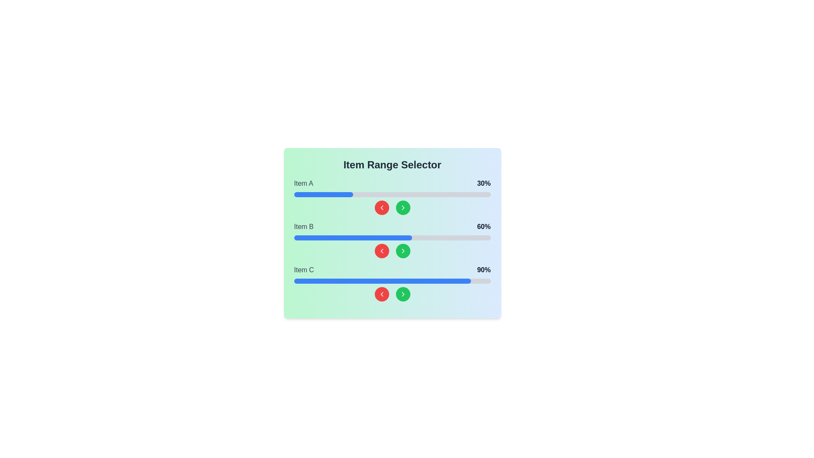 The image size is (814, 458). What do you see at coordinates (392, 283) in the screenshot?
I see `the progress bar labeled 'Item C' which shows a filled percentage of 90% to understand the current value` at bounding box center [392, 283].